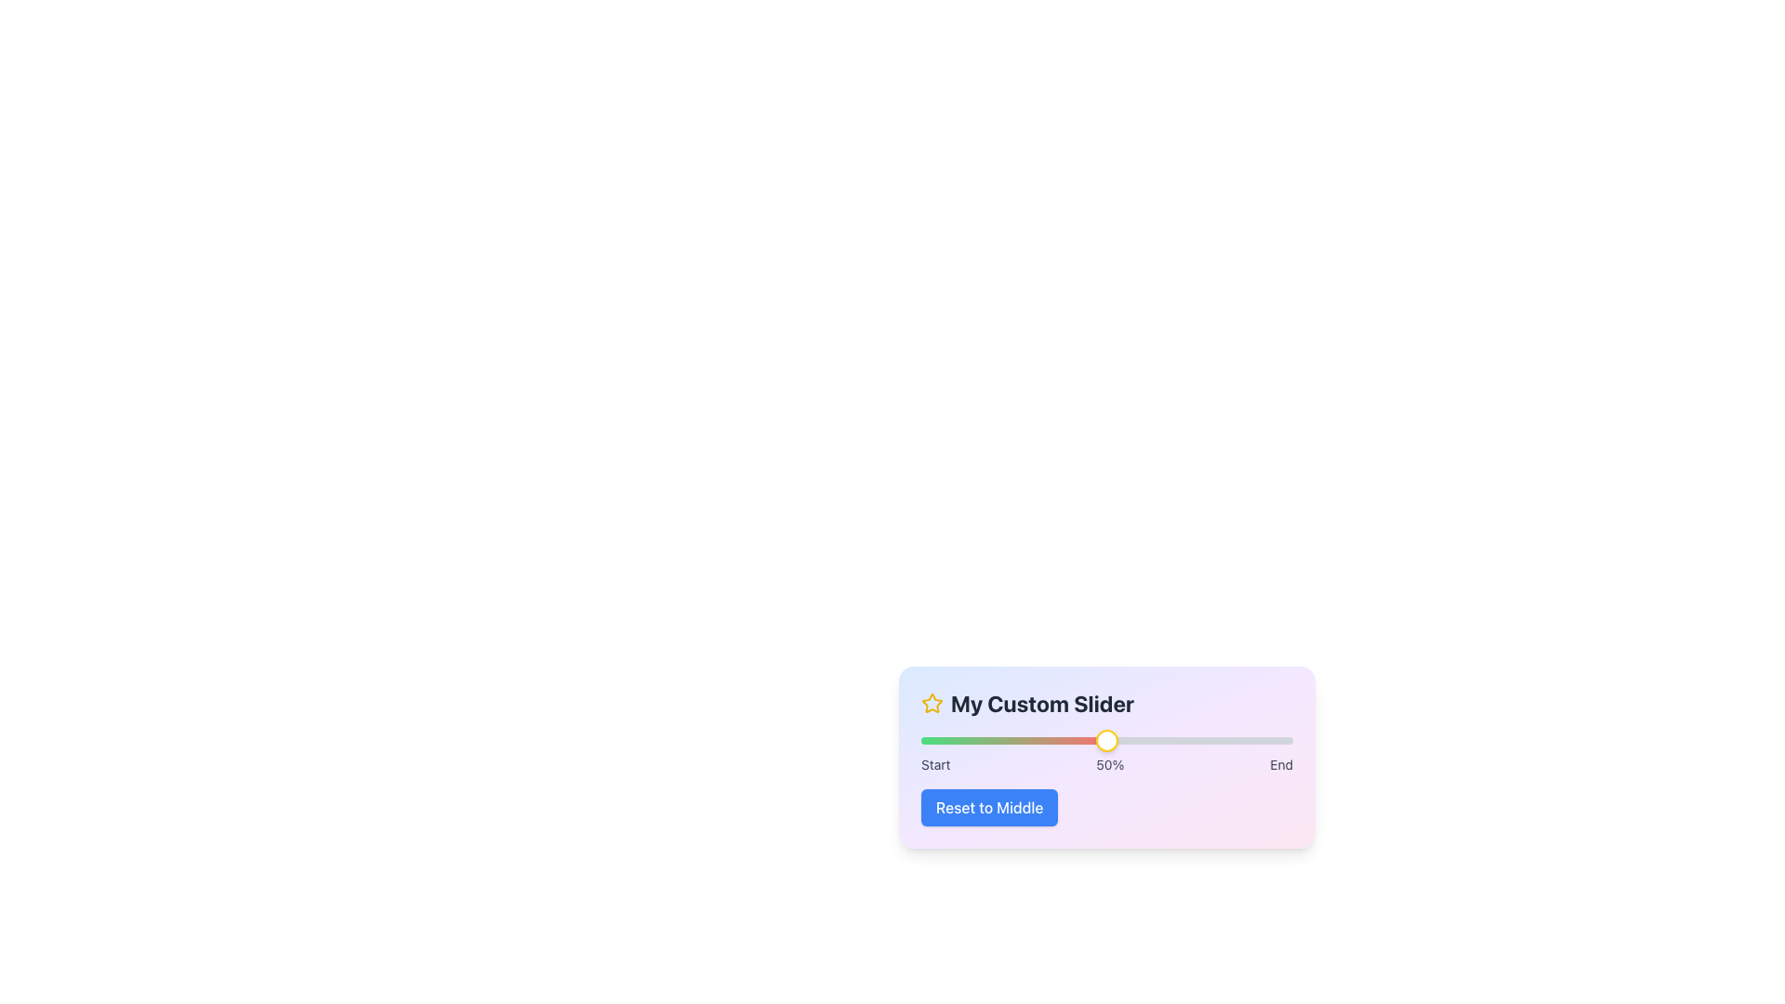 Image resolution: width=1785 pixels, height=1004 pixels. What do you see at coordinates (1087, 740) in the screenshot?
I see `the slider` at bounding box center [1087, 740].